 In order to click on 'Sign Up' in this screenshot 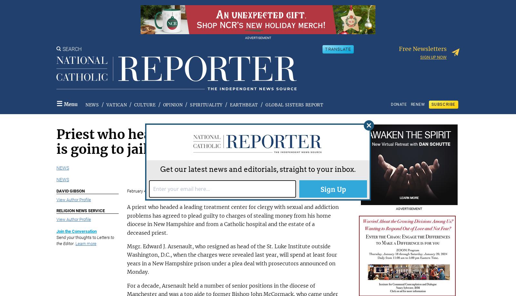, I will do `click(333, 188)`.